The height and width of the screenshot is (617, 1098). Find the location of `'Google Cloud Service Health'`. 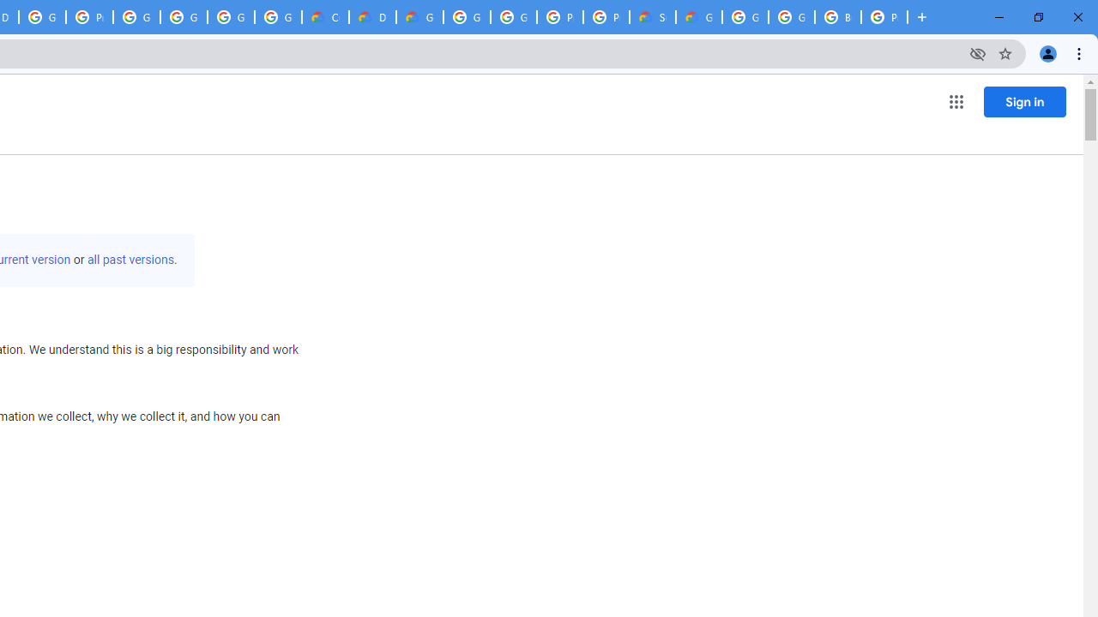

'Google Cloud Service Health' is located at coordinates (699, 17).